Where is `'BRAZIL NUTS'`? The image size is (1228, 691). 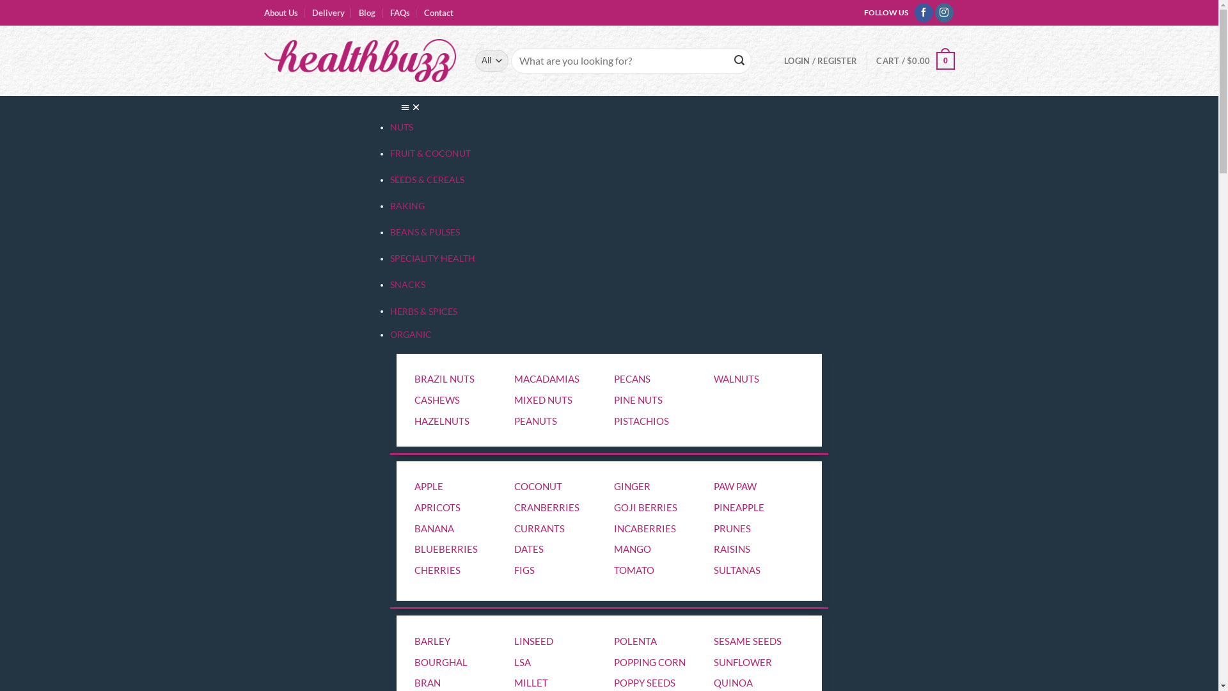 'BRAZIL NUTS' is located at coordinates (445, 377).